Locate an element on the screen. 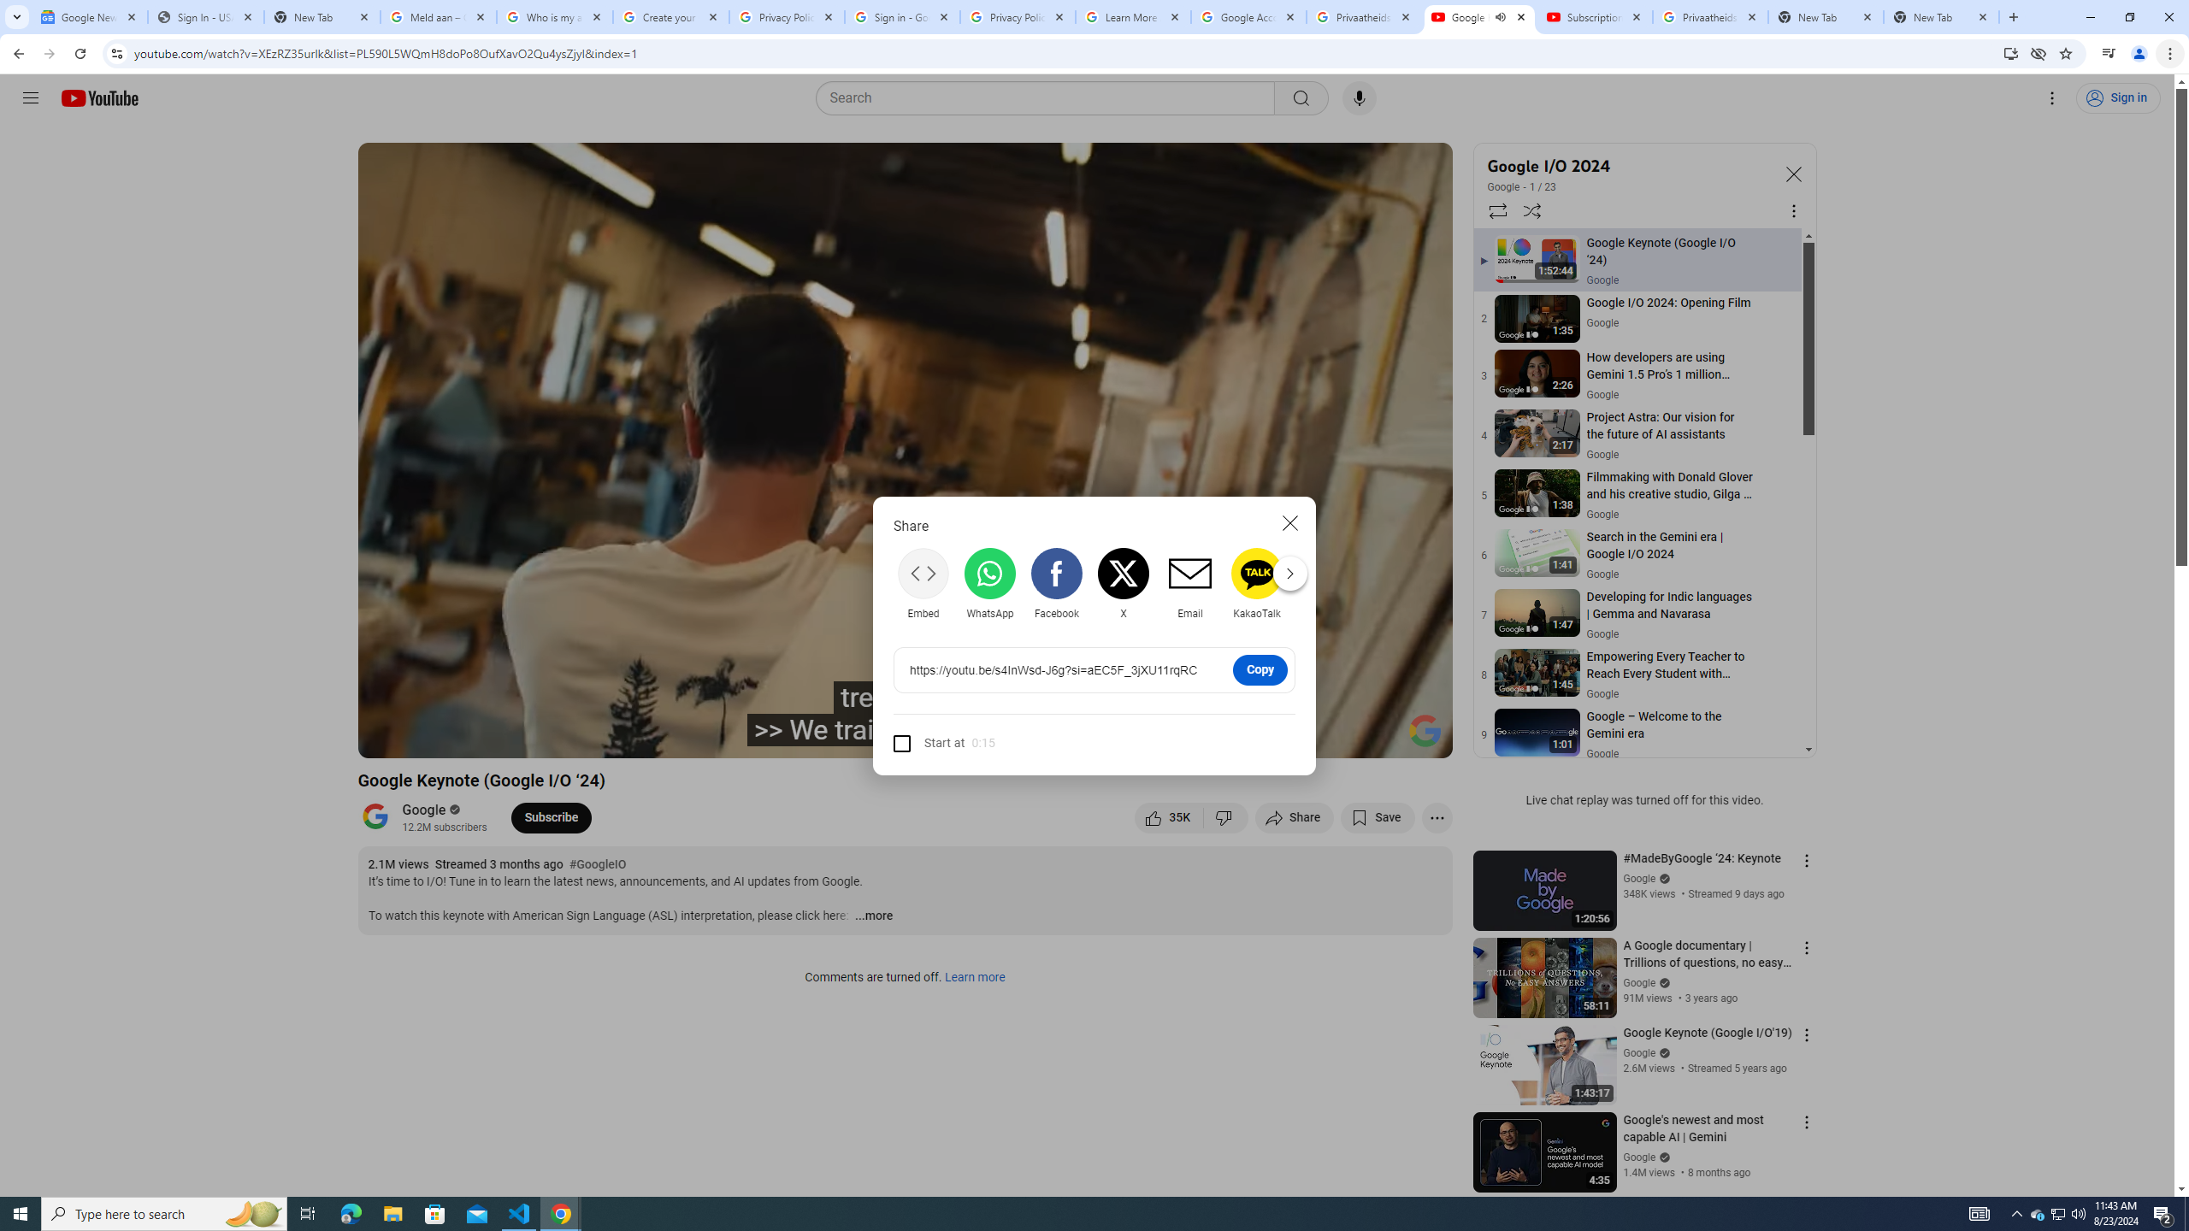 This screenshot has width=2189, height=1231. 'Next' is located at coordinates (1289, 573).